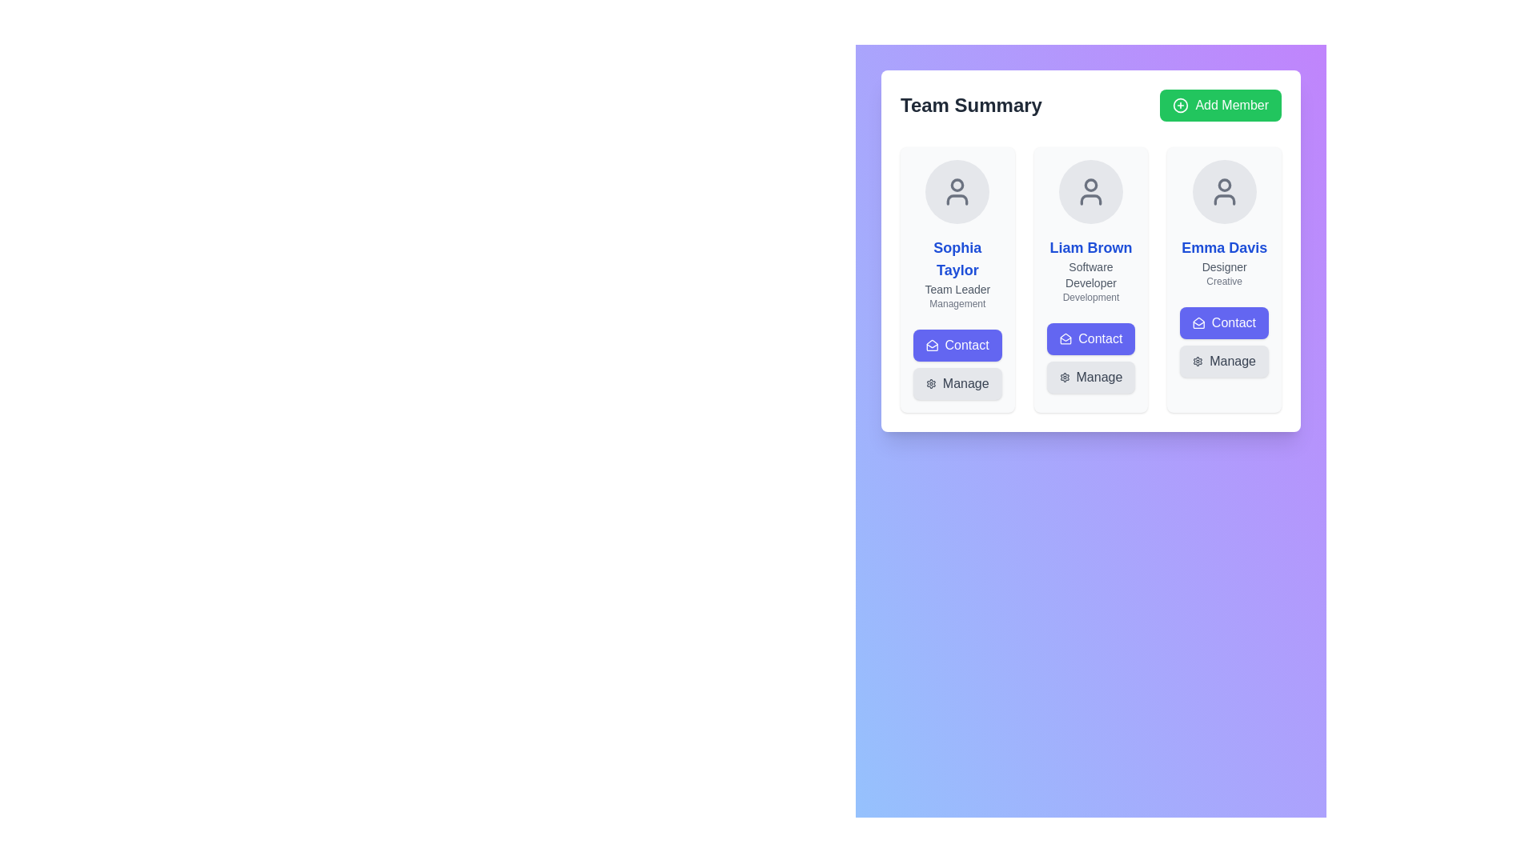 This screenshot has height=864, width=1537. I want to click on the second textual element in the user profile card for 'Sophia Taylor' that indicates her role or position, located under the 'Team Summary' section, so click(957, 290).